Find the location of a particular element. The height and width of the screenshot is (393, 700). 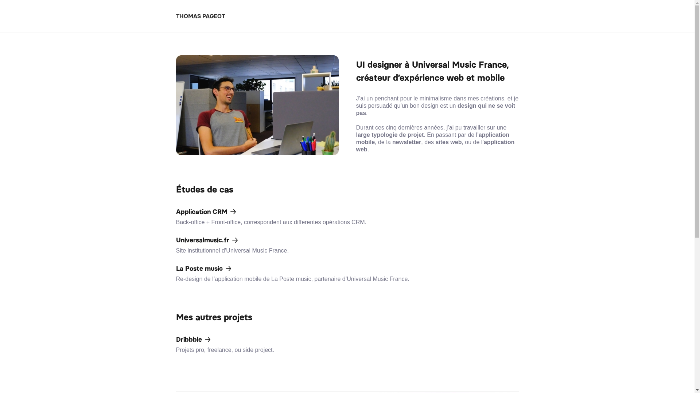

'Dribbble is located at coordinates (346, 344).